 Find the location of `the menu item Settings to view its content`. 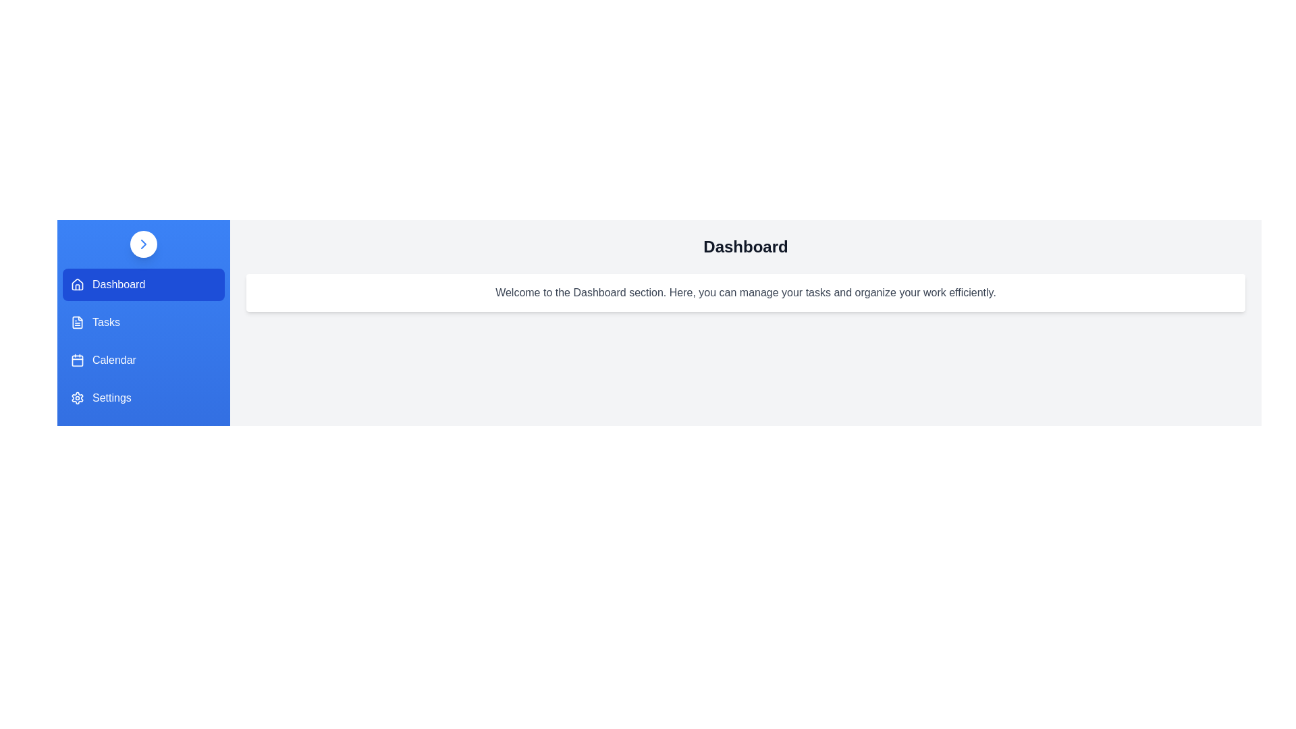

the menu item Settings to view its content is located at coordinates (143, 398).